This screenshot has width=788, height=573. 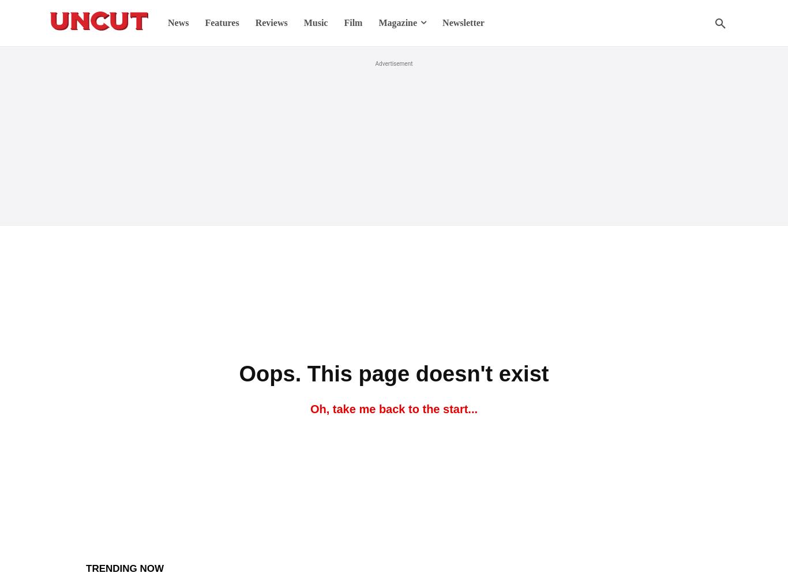 What do you see at coordinates (178, 23) in the screenshot?
I see `'News'` at bounding box center [178, 23].